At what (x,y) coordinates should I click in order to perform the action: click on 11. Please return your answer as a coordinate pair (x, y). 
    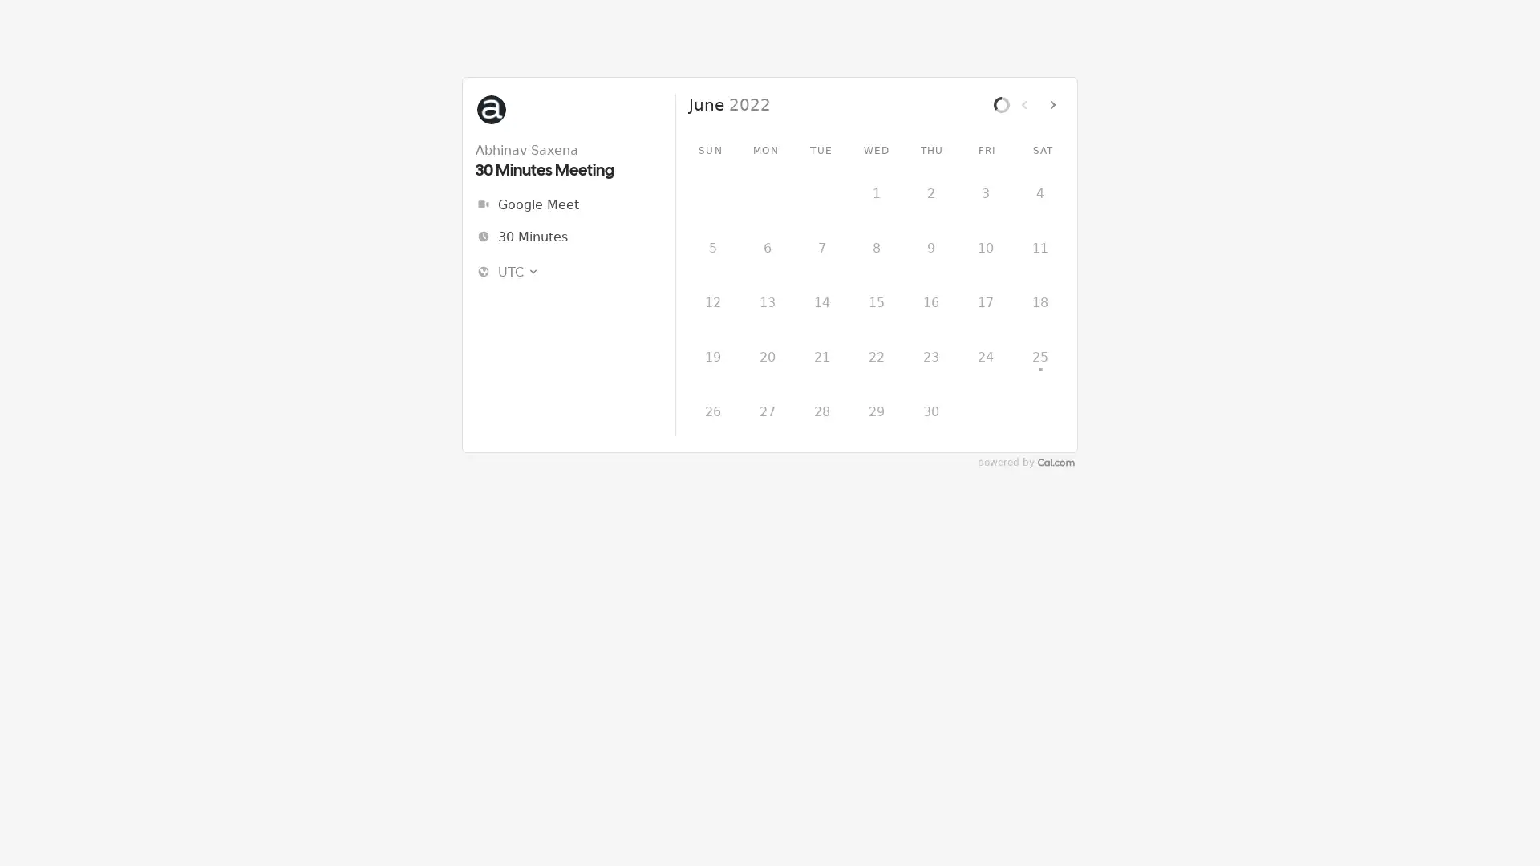
    Looking at the image, I should click on (1039, 247).